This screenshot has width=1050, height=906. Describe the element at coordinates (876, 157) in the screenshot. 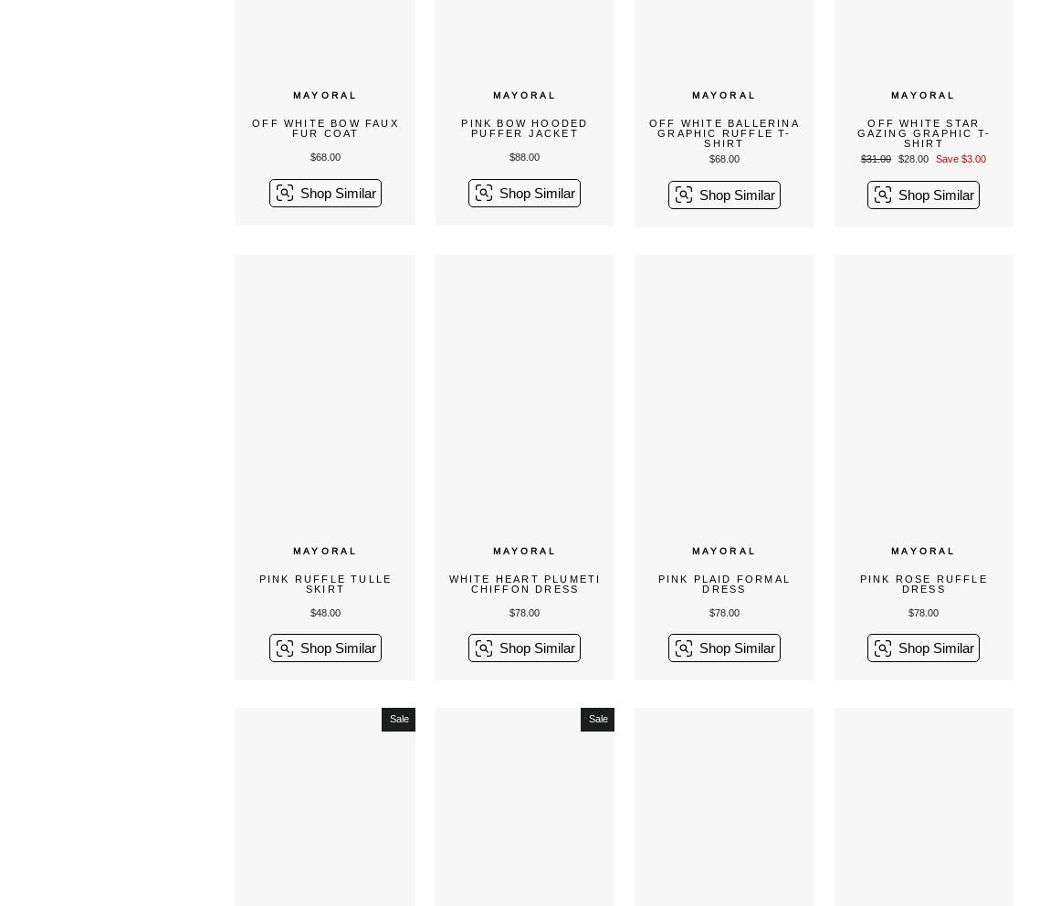

I see `'$31.00'` at that location.